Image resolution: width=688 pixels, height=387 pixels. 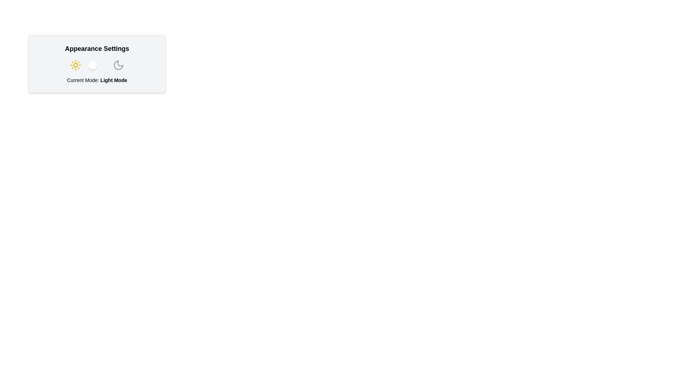 What do you see at coordinates (96, 65) in the screenshot?
I see `the circular toggle of the Appearance Settings Toggle switch` at bounding box center [96, 65].